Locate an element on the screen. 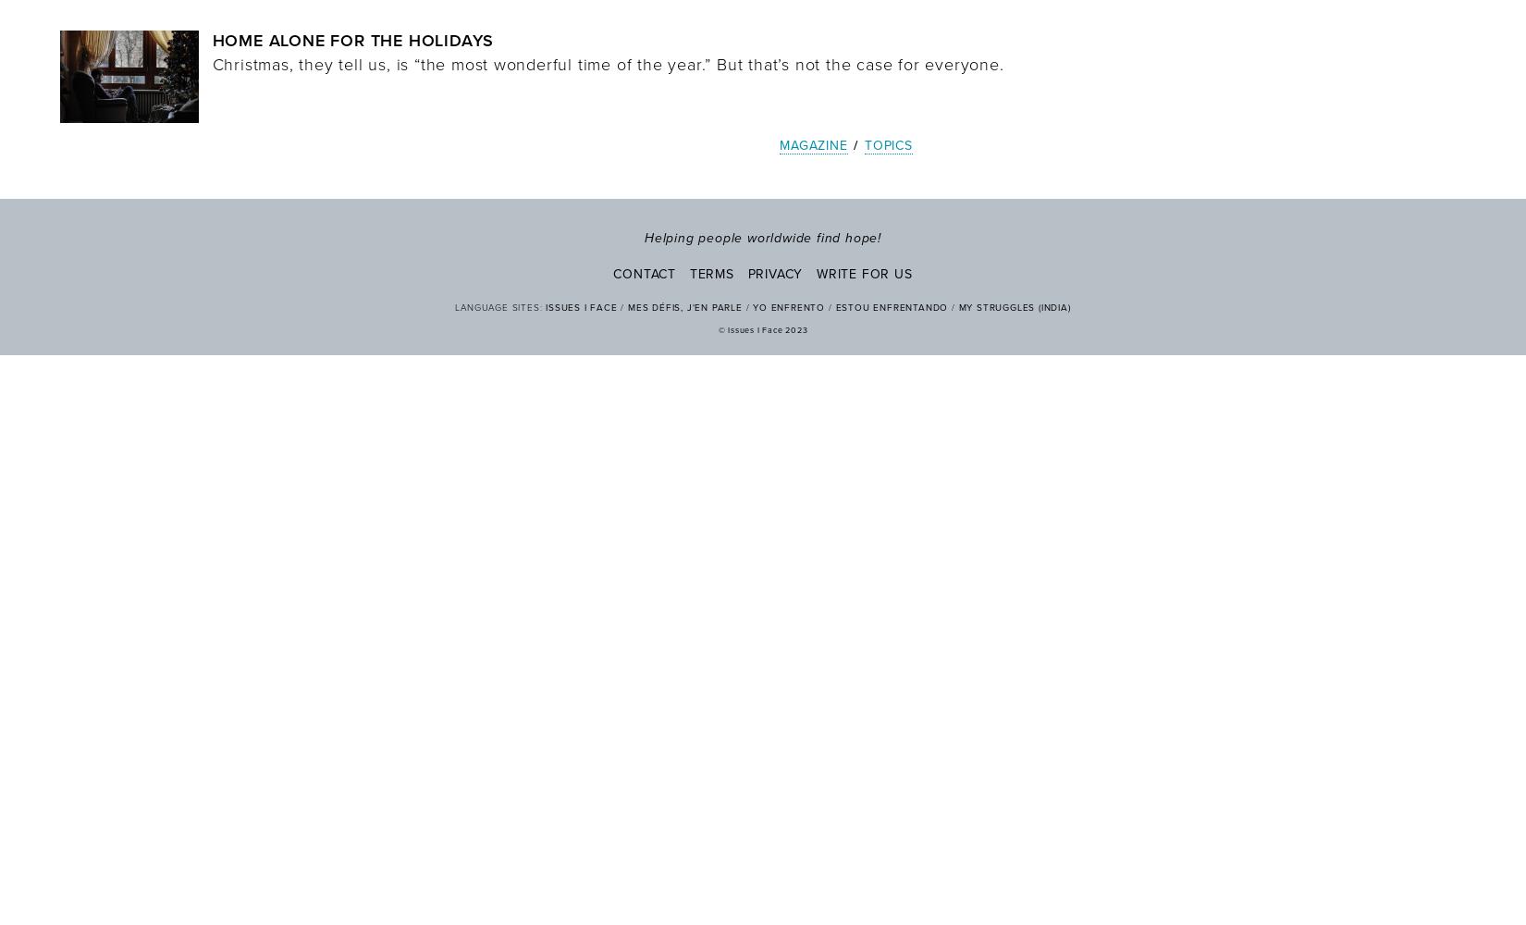  'Home Alone for the Holidays' is located at coordinates (352, 40).